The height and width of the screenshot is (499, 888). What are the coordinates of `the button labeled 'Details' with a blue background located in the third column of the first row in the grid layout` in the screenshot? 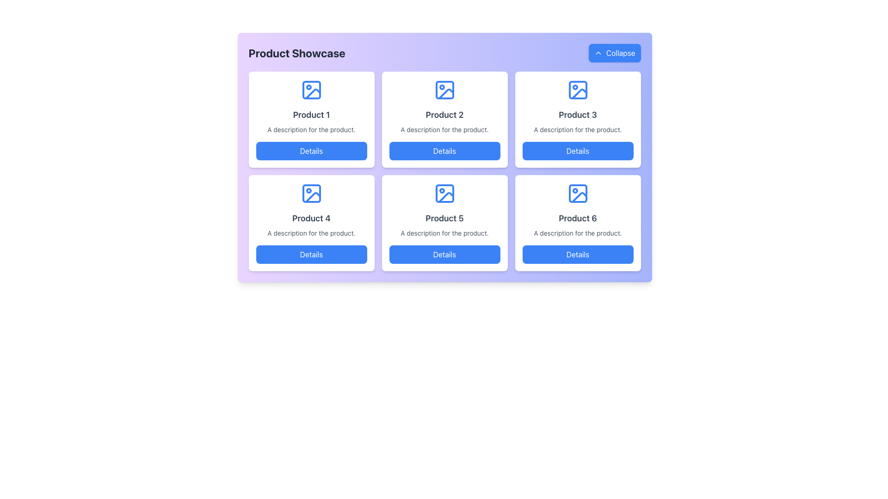 It's located at (577, 151).